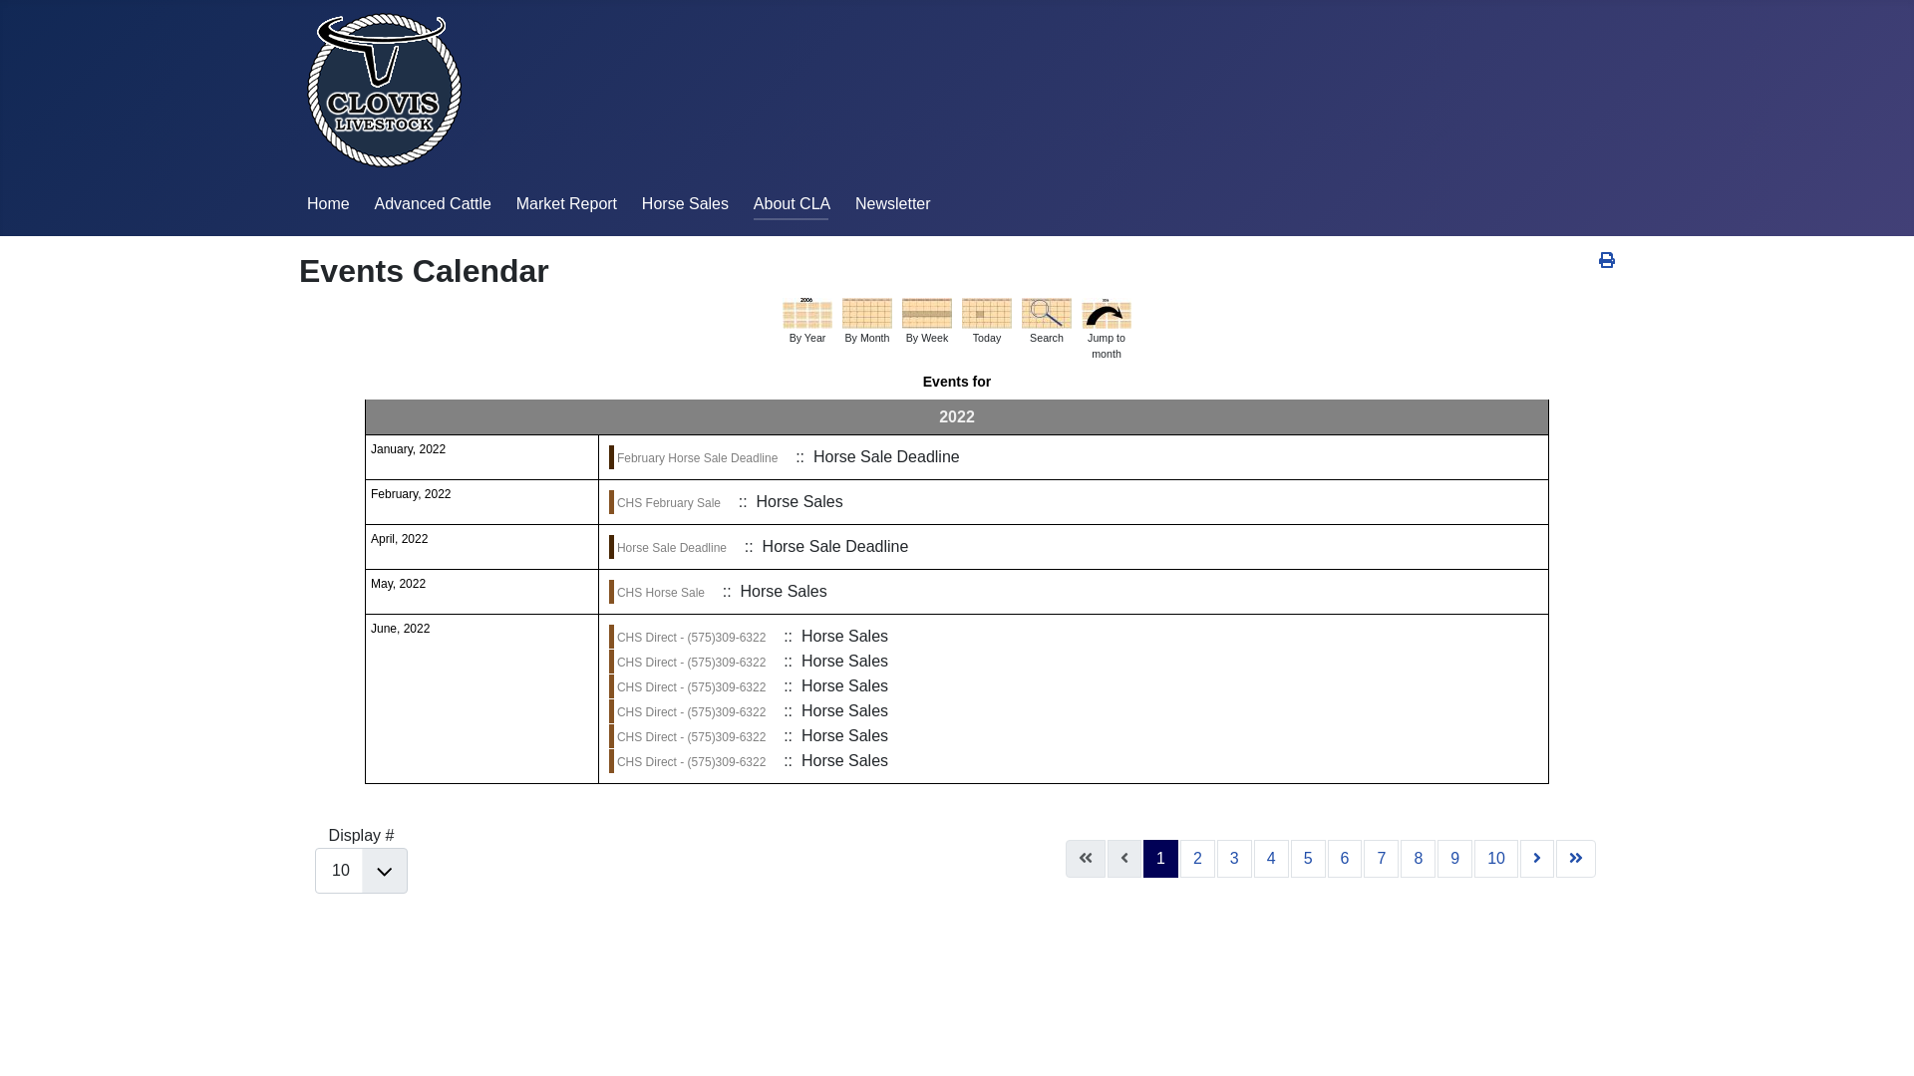 This screenshot has height=1076, width=1914. Describe the element at coordinates (791, 203) in the screenshot. I see `'About CLA'` at that location.